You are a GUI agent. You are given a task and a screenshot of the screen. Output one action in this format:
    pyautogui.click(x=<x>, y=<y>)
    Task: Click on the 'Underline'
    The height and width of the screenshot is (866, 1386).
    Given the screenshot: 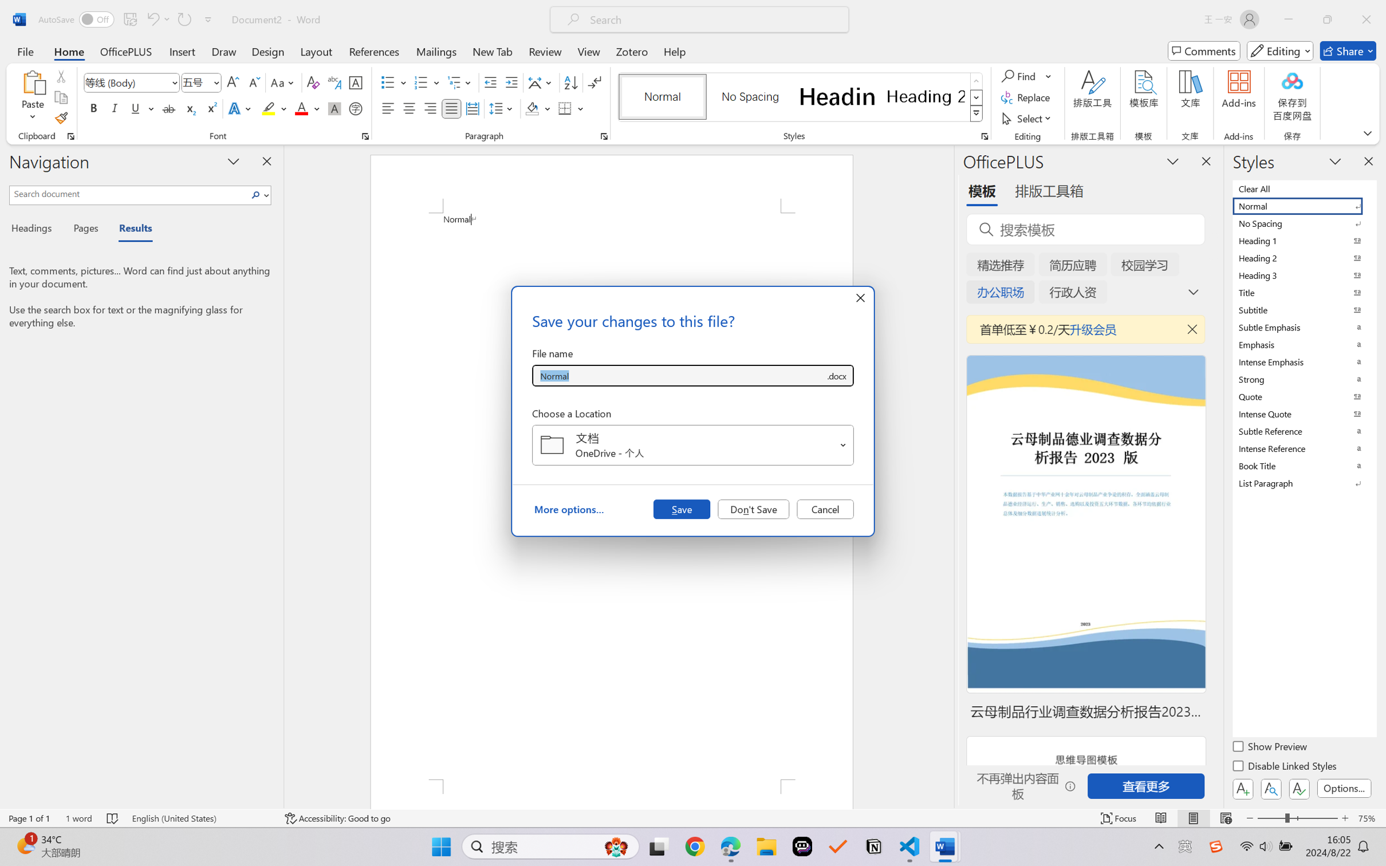 What is the action you would take?
    pyautogui.click(x=135, y=108)
    